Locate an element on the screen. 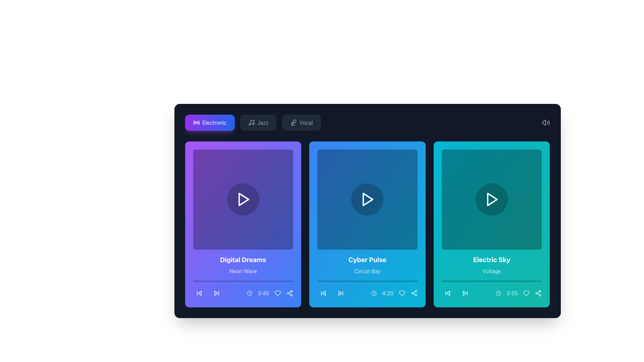 The width and height of the screenshot is (644, 362). the play button icon located in the center of the 'Digital Dreams - Neon Wave' card is located at coordinates (243, 199).